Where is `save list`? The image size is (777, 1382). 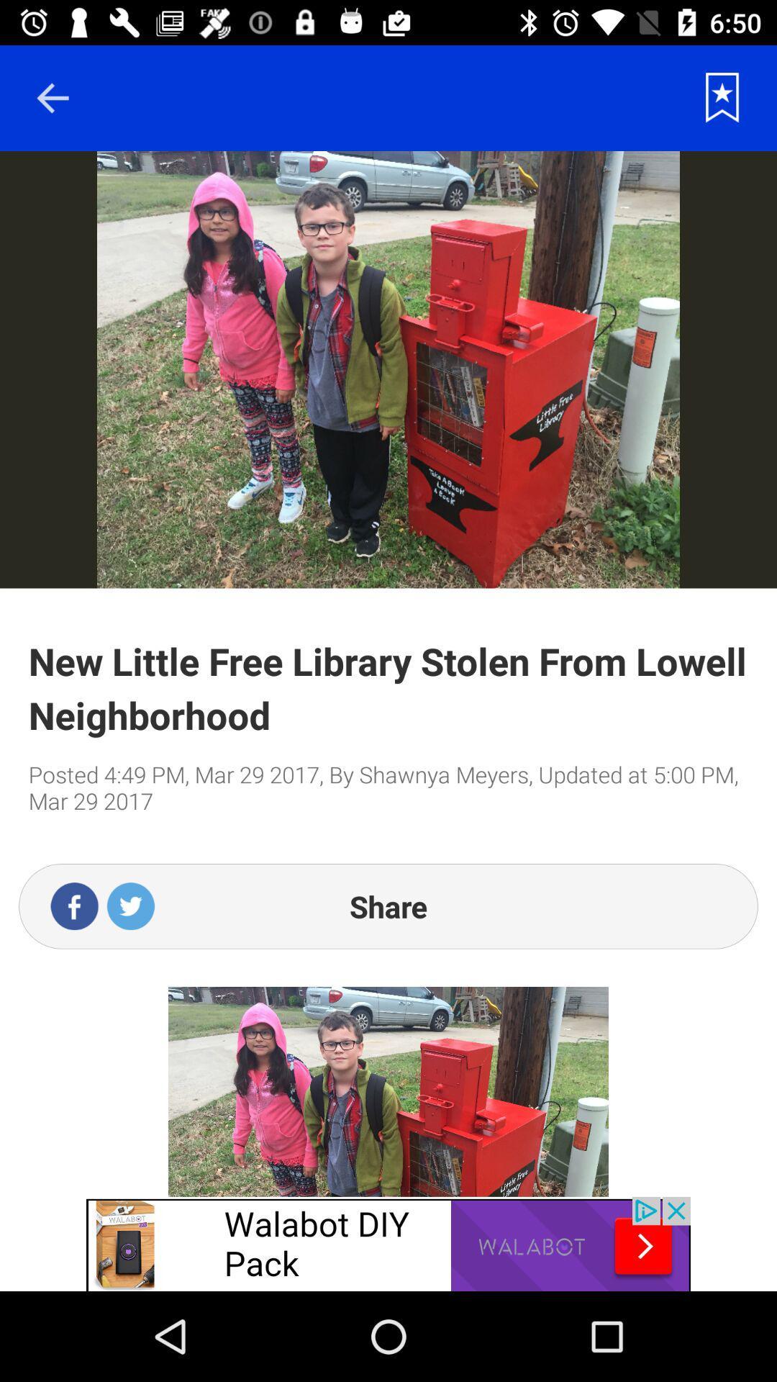
save list is located at coordinates (722, 97).